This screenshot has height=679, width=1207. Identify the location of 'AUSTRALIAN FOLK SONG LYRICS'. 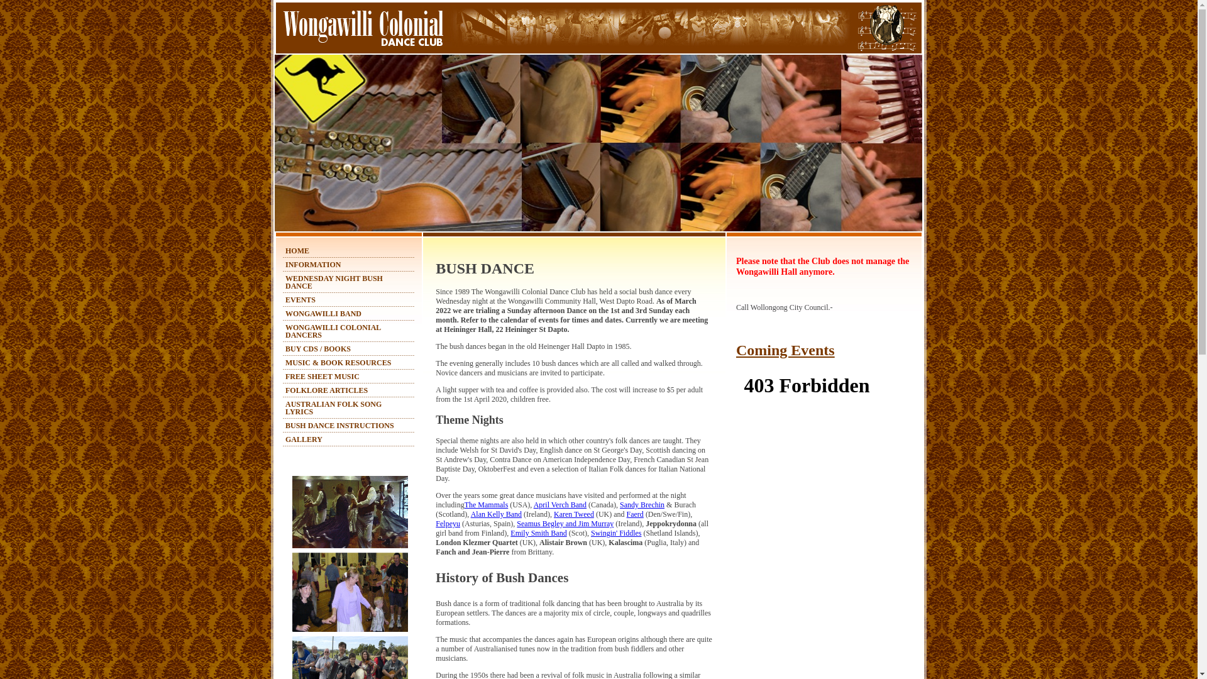
(285, 407).